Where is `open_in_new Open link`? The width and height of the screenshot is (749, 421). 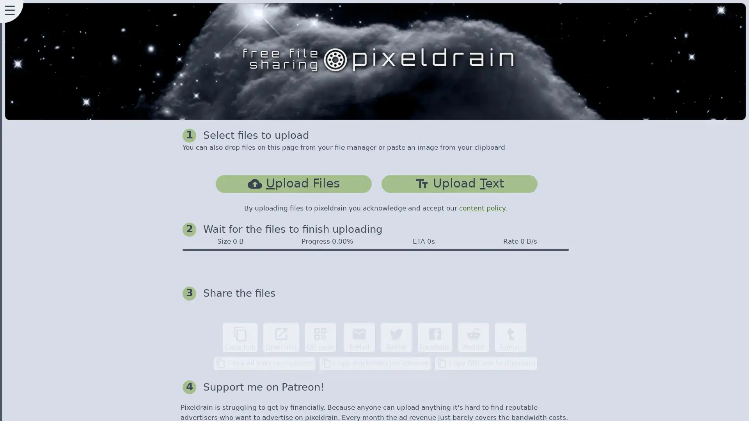
open_in_new Open link is located at coordinates (336, 337).